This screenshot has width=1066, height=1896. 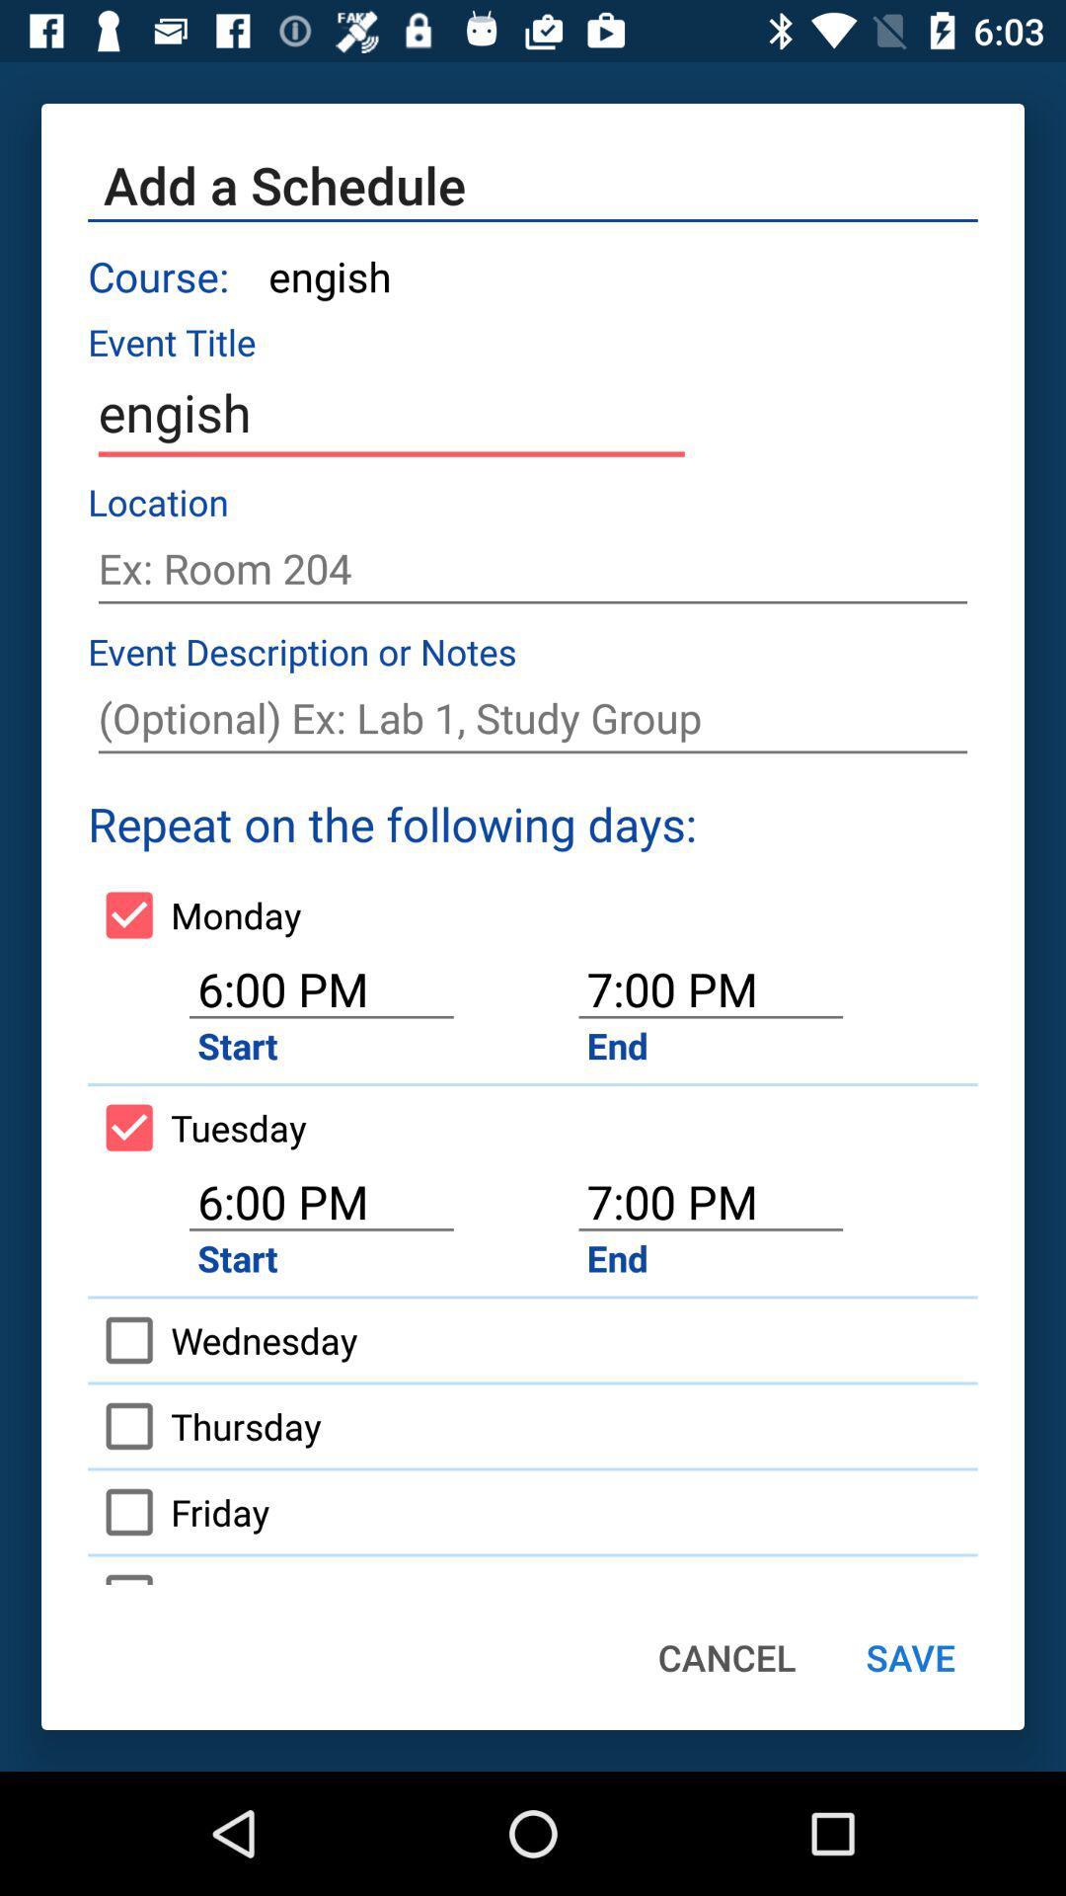 I want to click on fill in box event description or notes, so click(x=533, y=717).